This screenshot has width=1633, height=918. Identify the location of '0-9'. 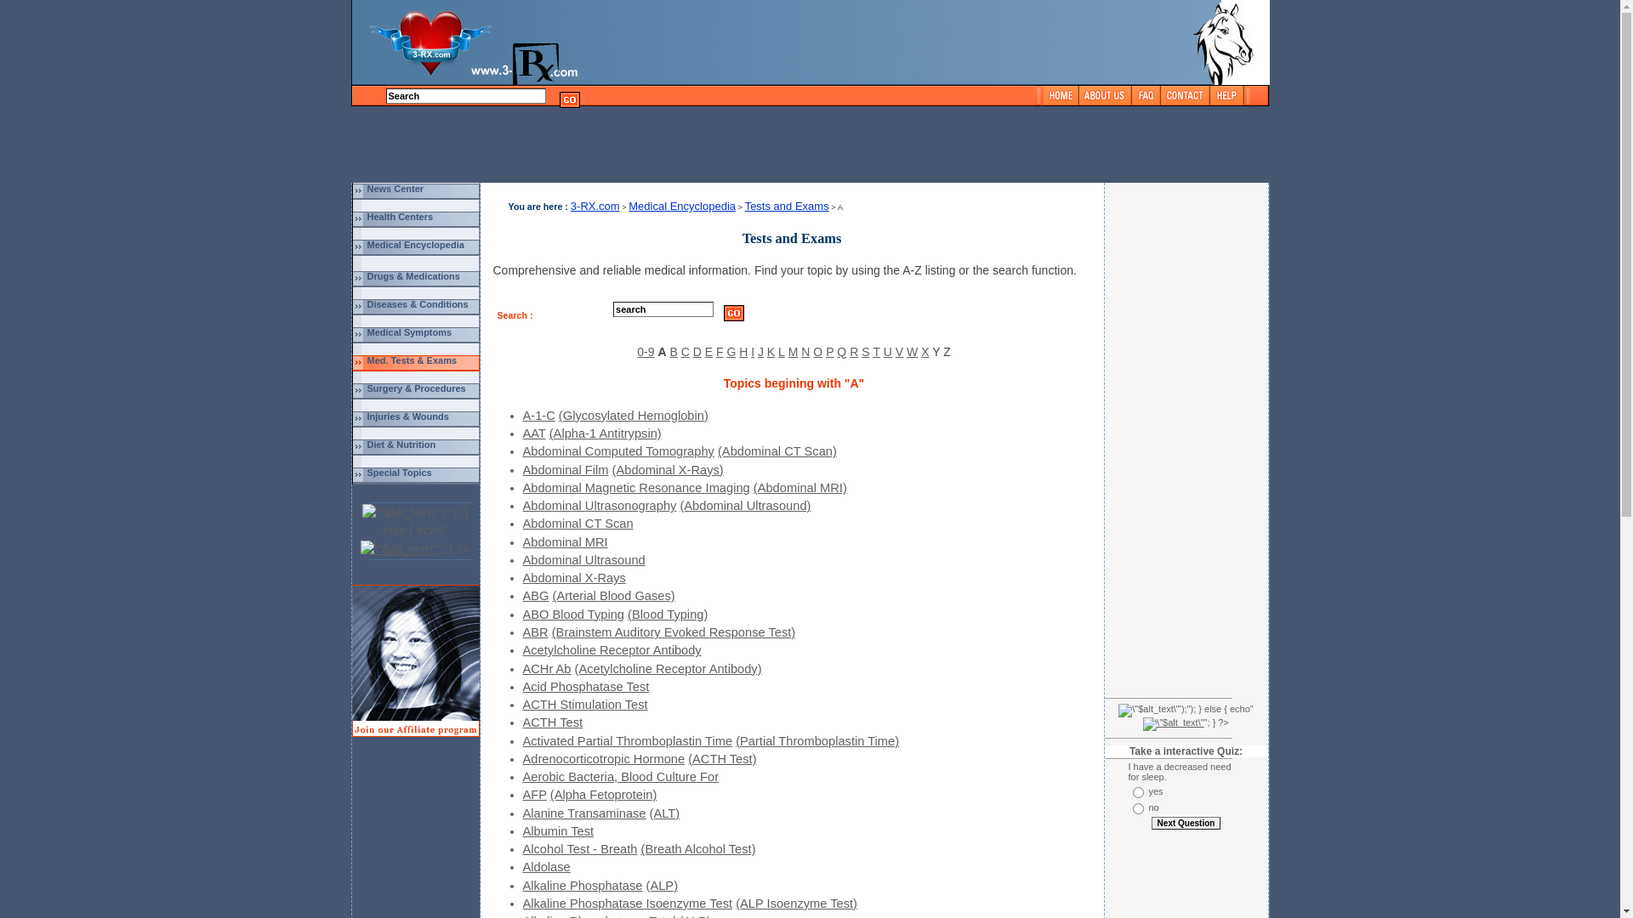
(644, 350).